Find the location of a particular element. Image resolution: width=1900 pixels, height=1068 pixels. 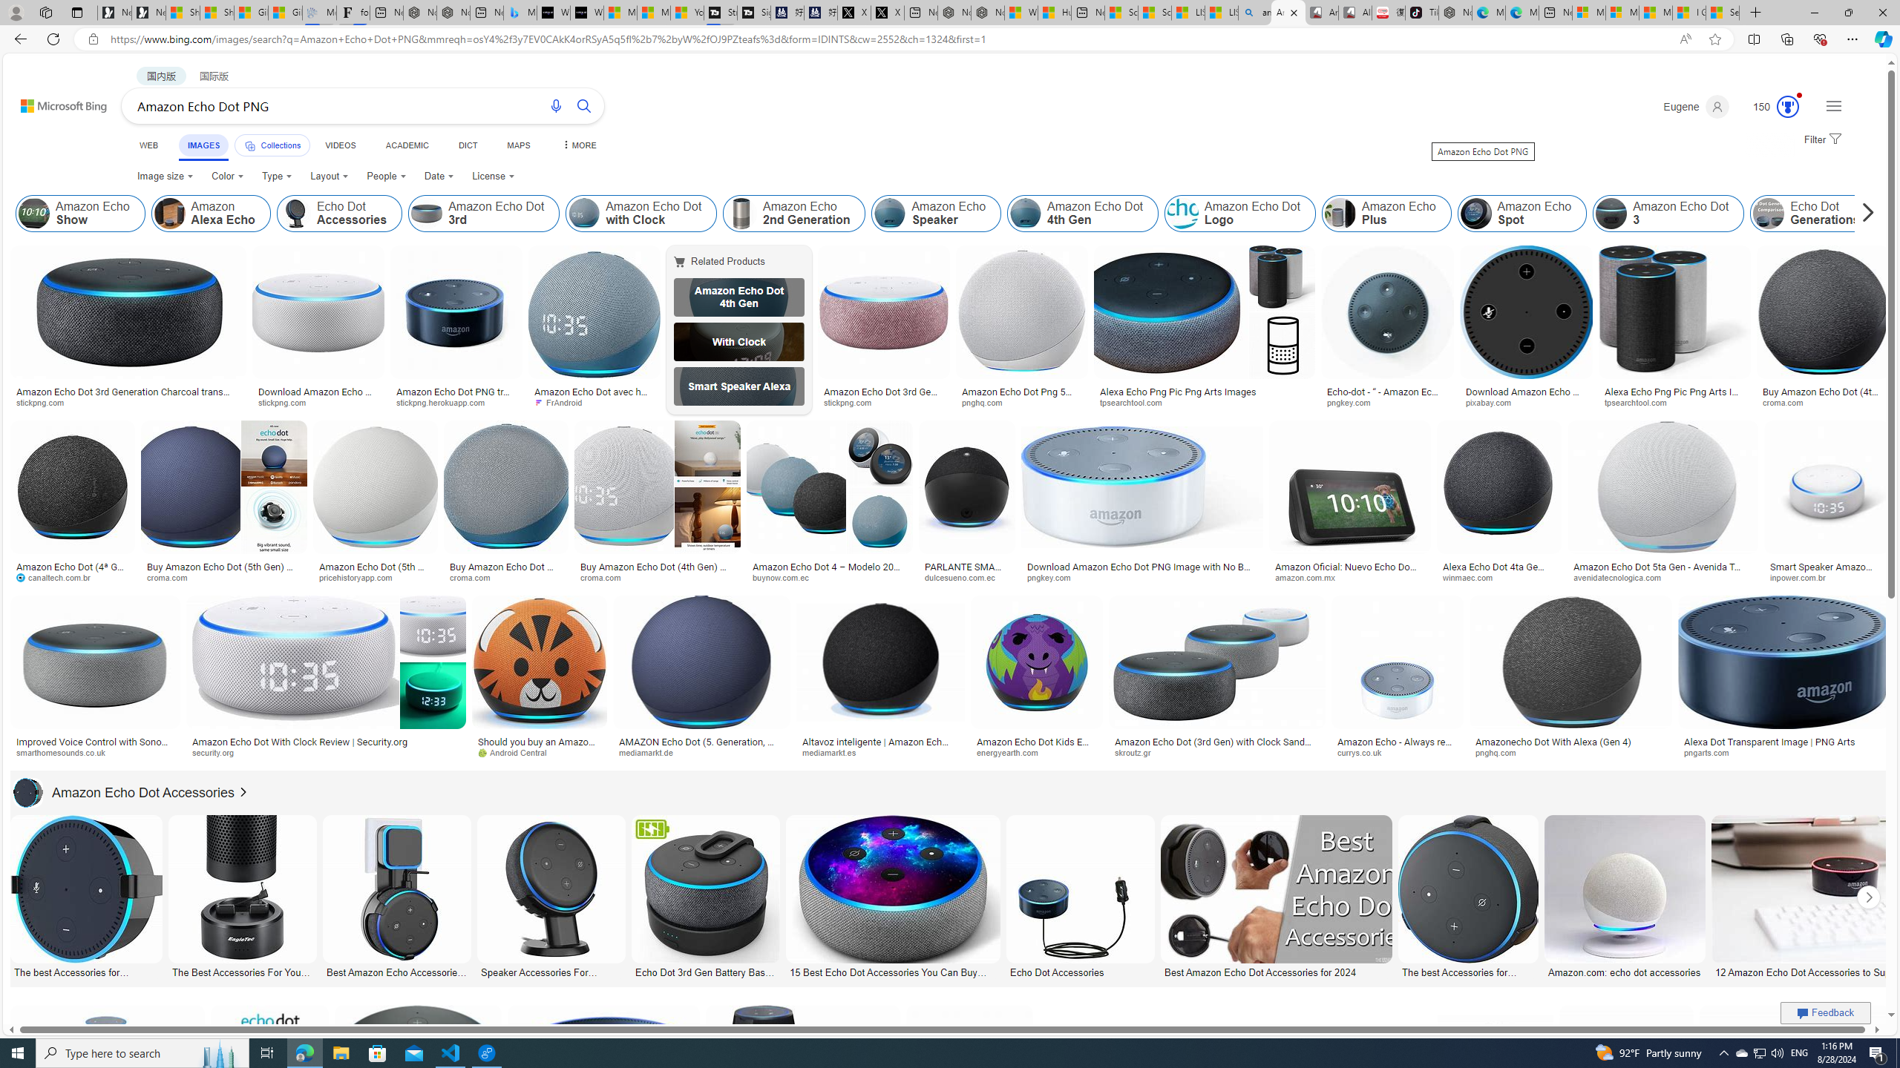

'Amazon Echo Dot PNG - Search Images' is located at coordinates (1287, 12).